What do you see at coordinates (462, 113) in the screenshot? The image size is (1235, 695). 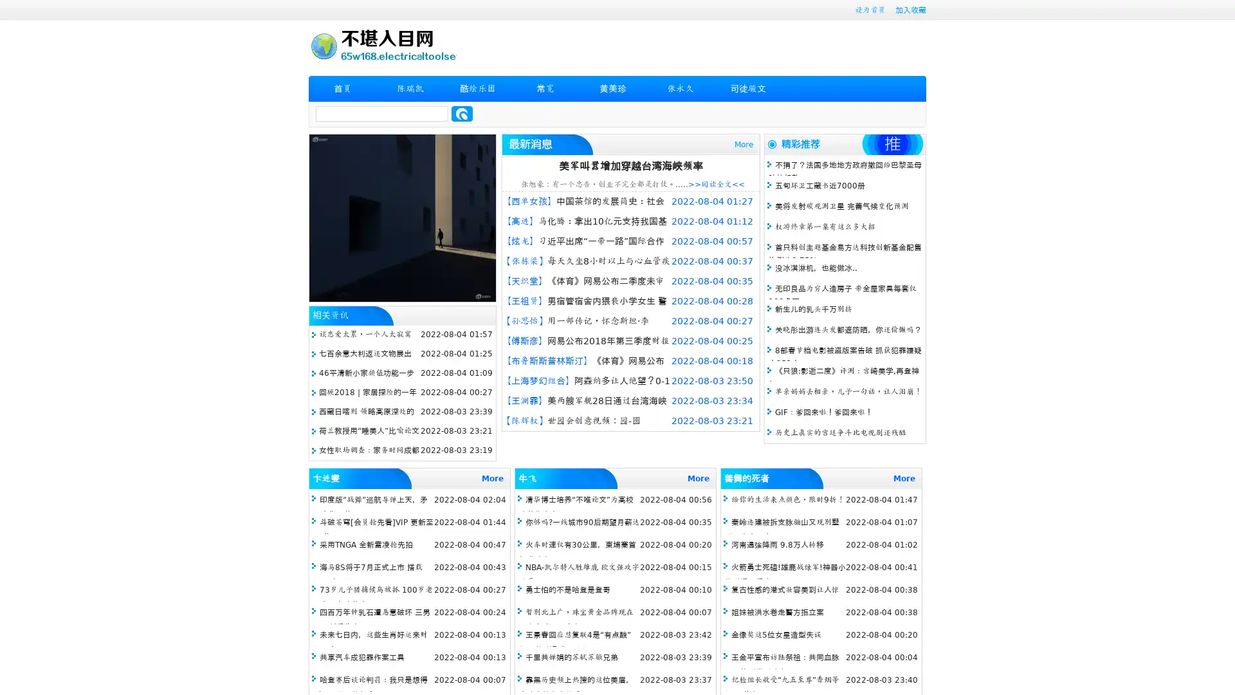 I see `Search` at bounding box center [462, 113].